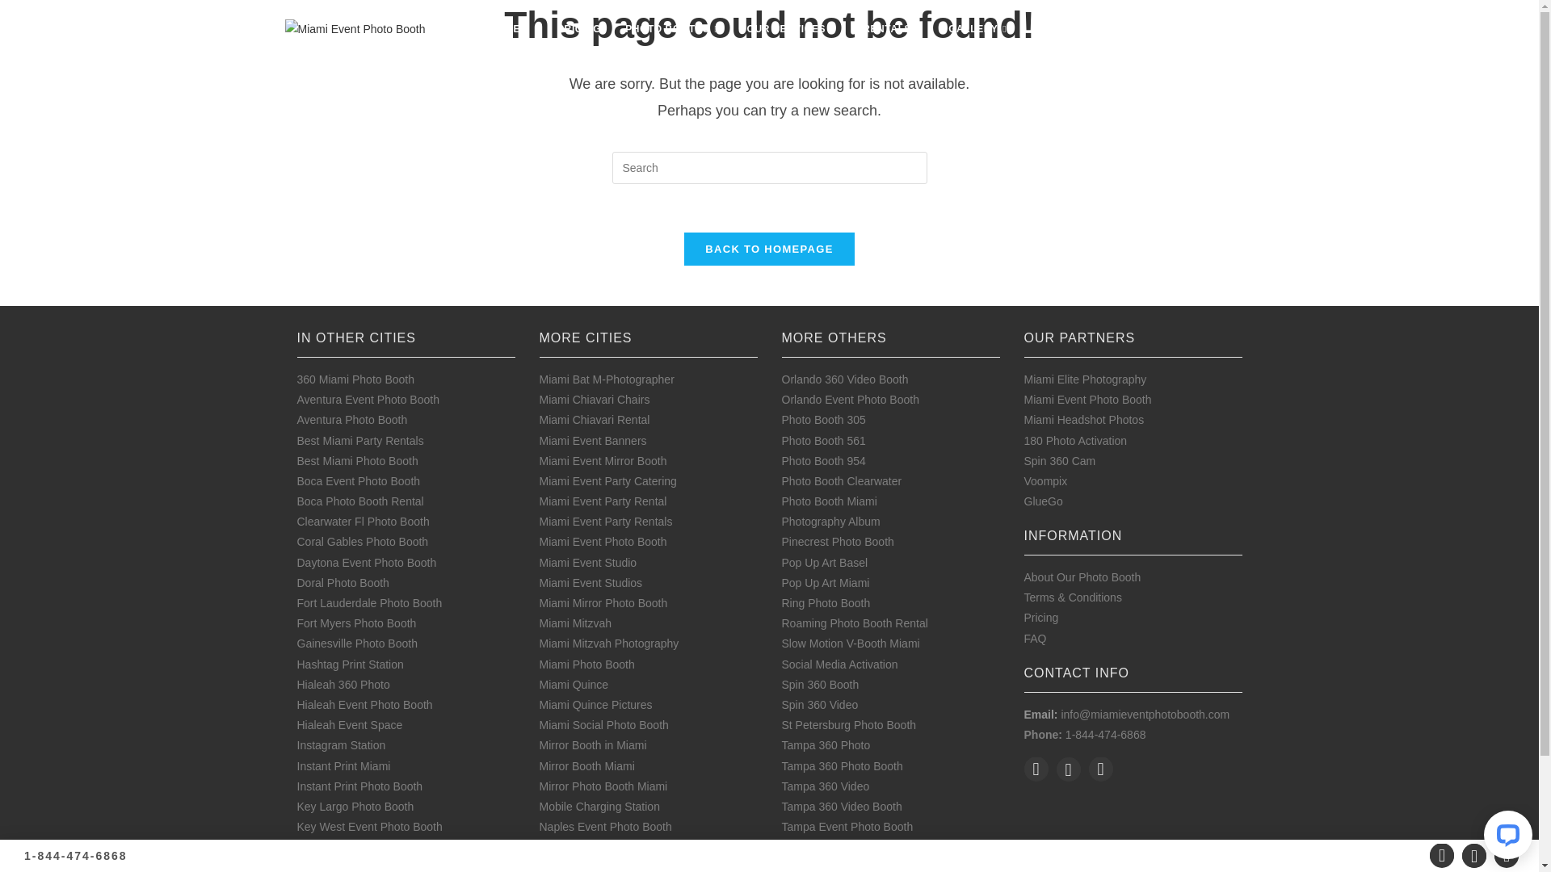 This screenshot has height=872, width=1551. What do you see at coordinates (75, 855) in the screenshot?
I see `'1-844-474-6868'` at bounding box center [75, 855].